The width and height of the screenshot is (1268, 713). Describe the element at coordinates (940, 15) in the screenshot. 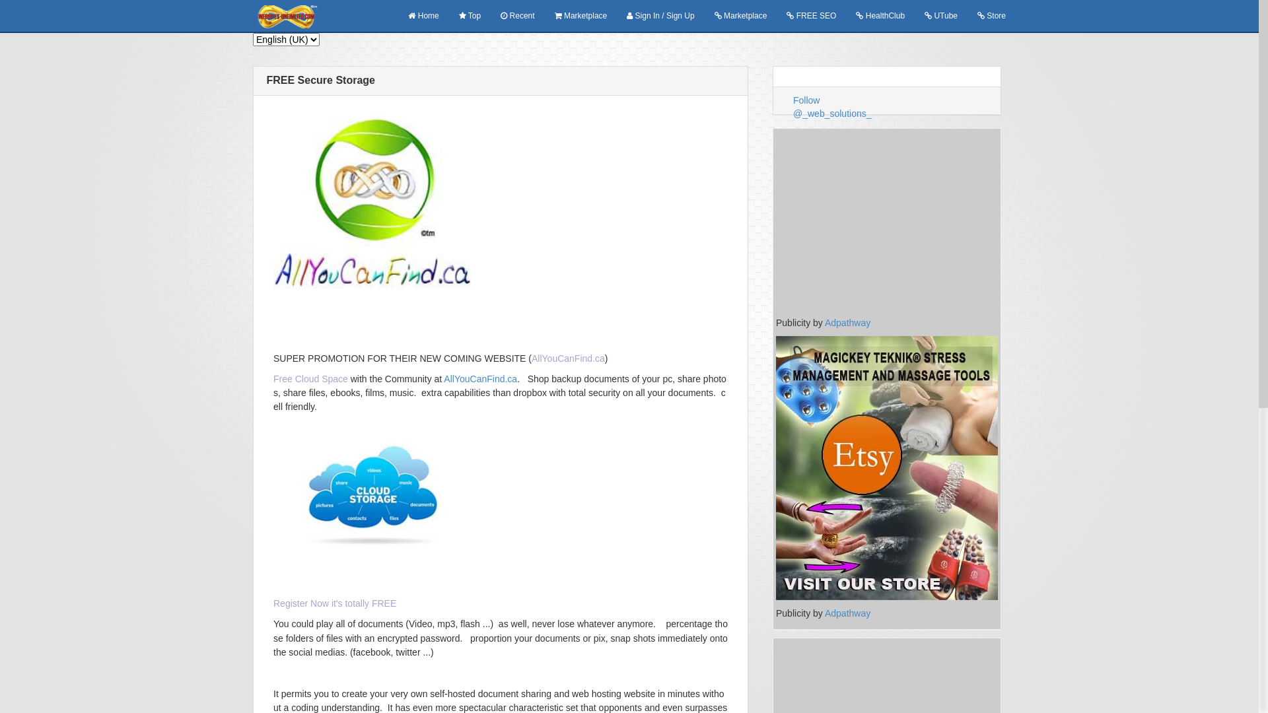

I see `'UTube'` at that location.